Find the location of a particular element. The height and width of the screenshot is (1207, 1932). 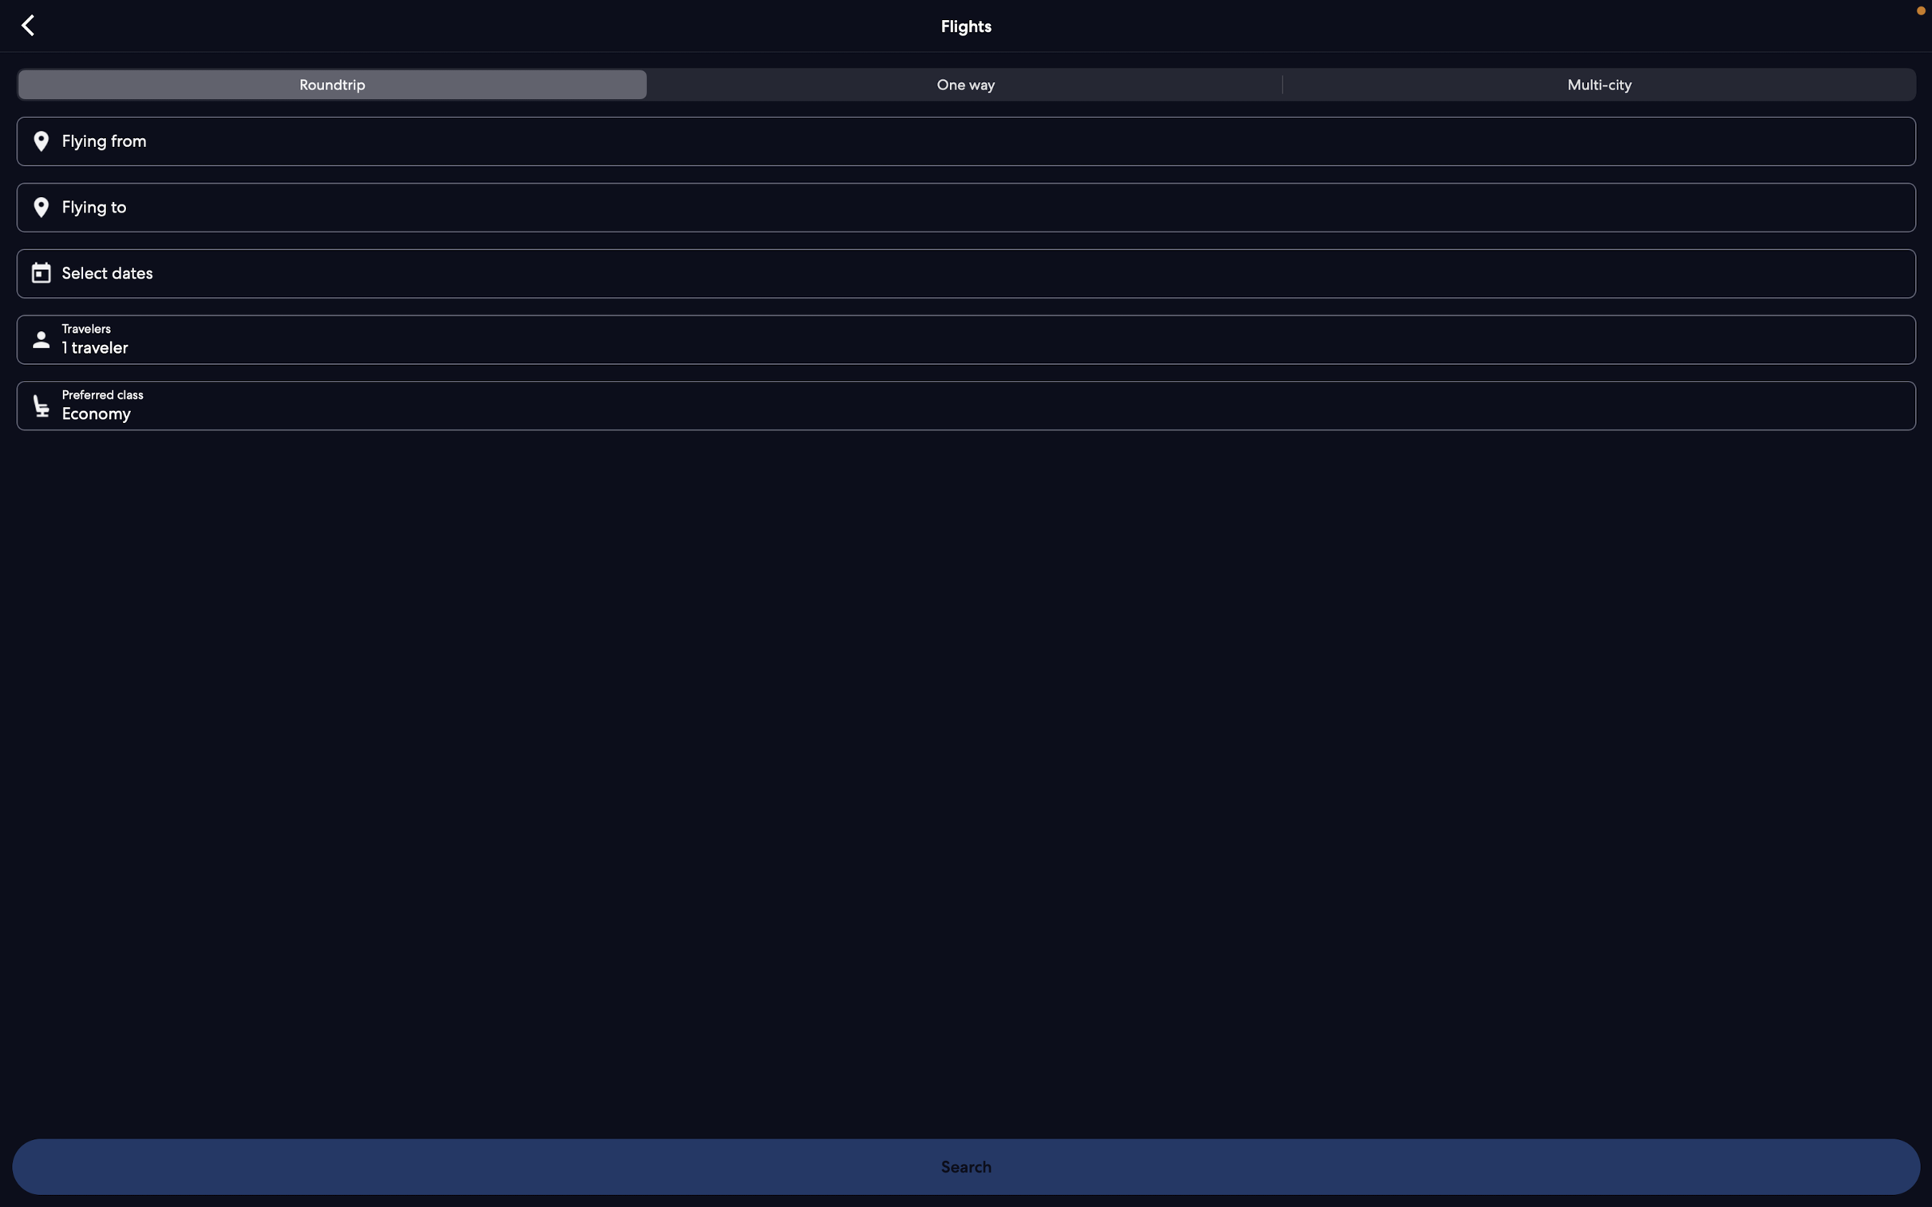

the option for booking multiple city flights is located at coordinates (1594, 87).